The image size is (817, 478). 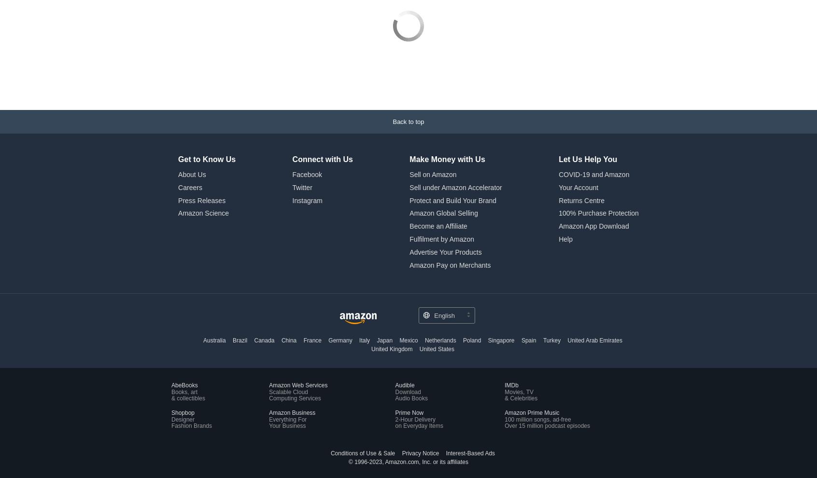 I want to click on 'Twitter', so click(x=301, y=122).